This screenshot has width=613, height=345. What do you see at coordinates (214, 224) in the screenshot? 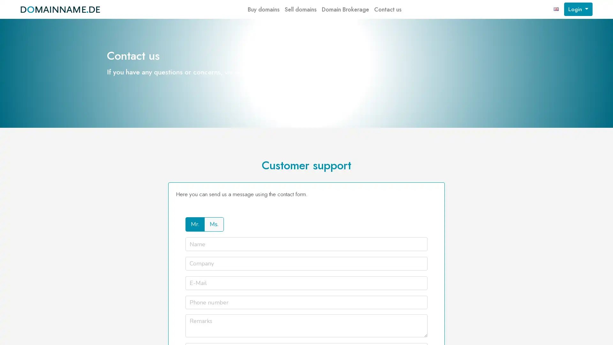
I see `Ms.` at bounding box center [214, 224].